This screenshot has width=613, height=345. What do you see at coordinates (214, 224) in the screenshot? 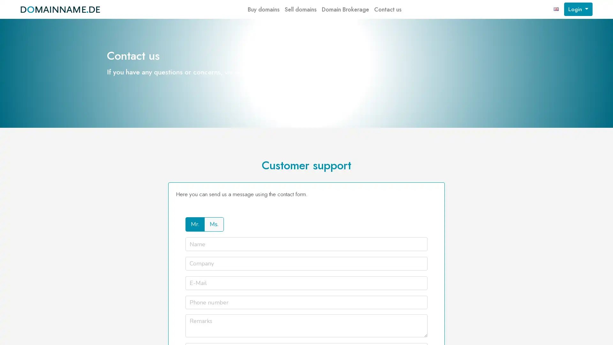
I see `Ms.` at bounding box center [214, 224].